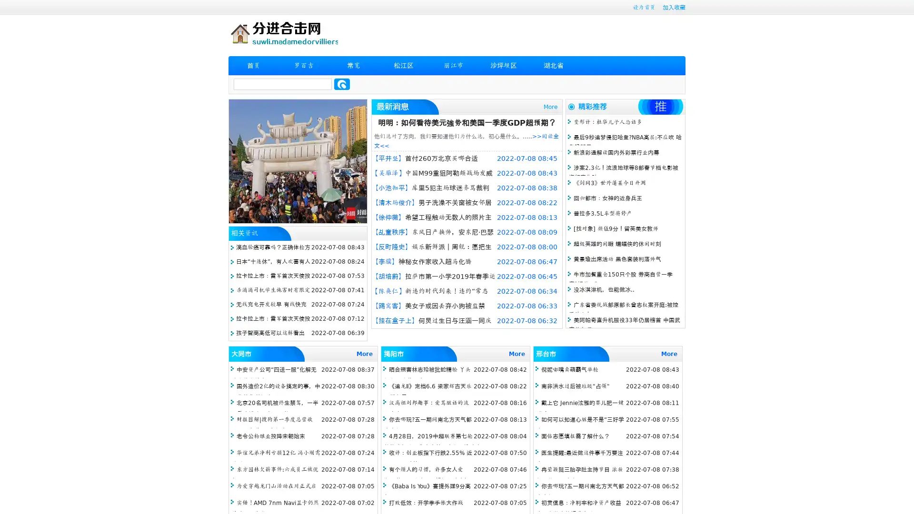  I want to click on Search, so click(342, 84).